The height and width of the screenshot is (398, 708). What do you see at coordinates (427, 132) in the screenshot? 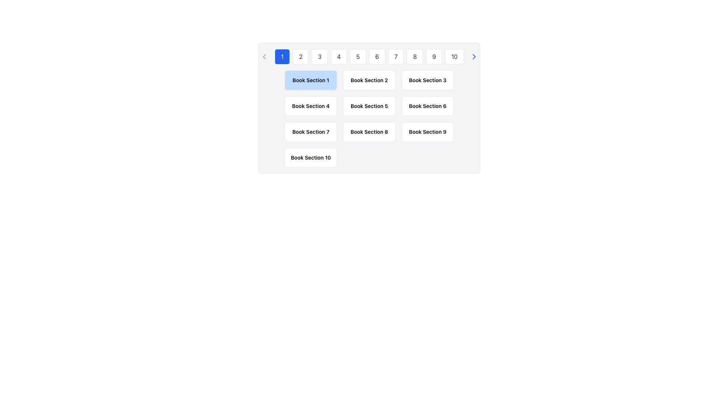
I see `the static text label displaying 'Book Section 9', which is part of a tile-like card in a grid layout` at bounding box center [427, 132].